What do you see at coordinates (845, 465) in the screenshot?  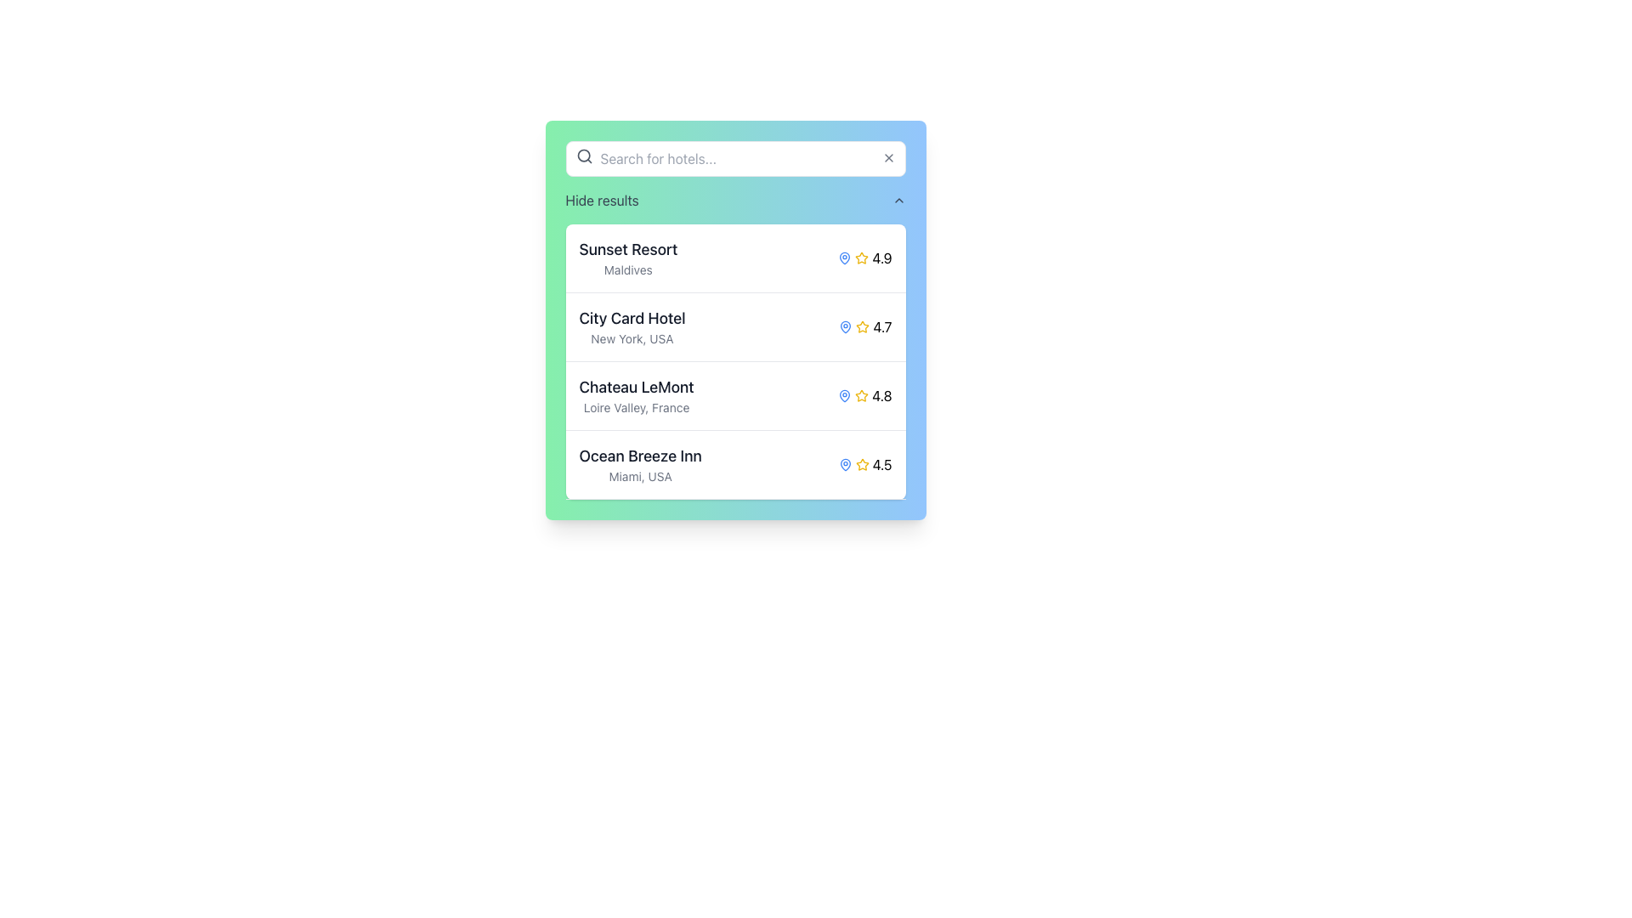 I see `the blue map pin icon located in the 'Ocean Breeze Inn' row, which is positioned to the left of the star rating icon and the text '4.5'` at bounding box center [845, 465].